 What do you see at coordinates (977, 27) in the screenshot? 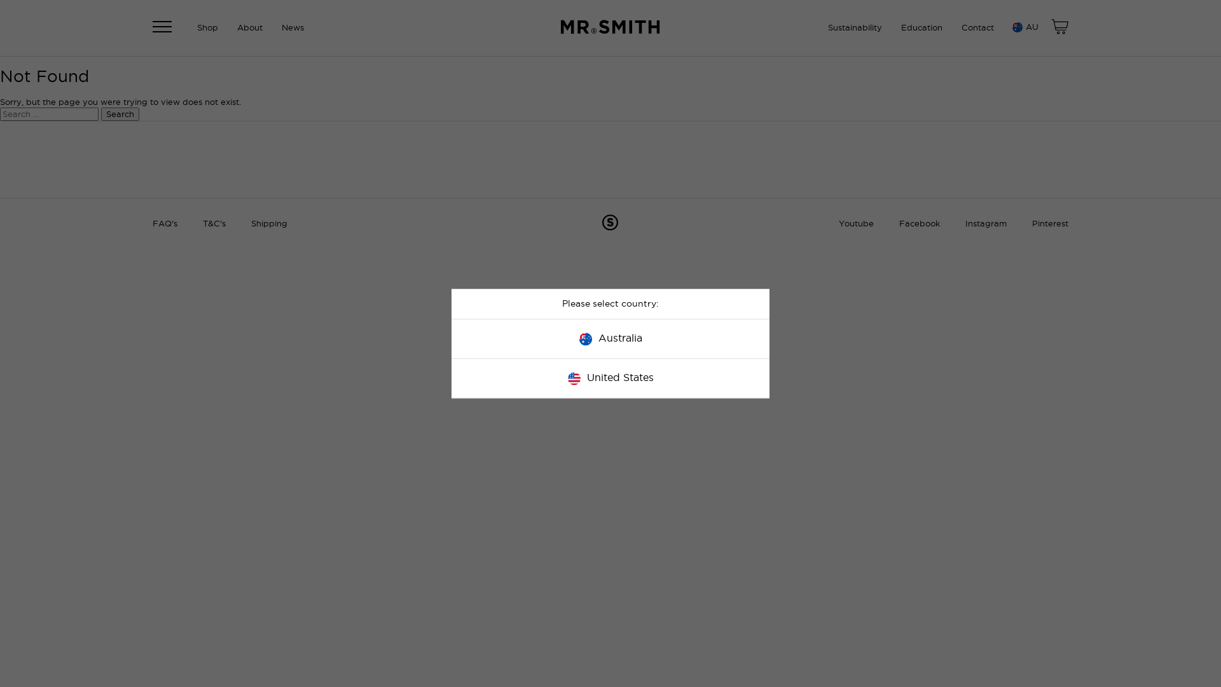
I see `'Contact'` at bounding box center [977, 27].